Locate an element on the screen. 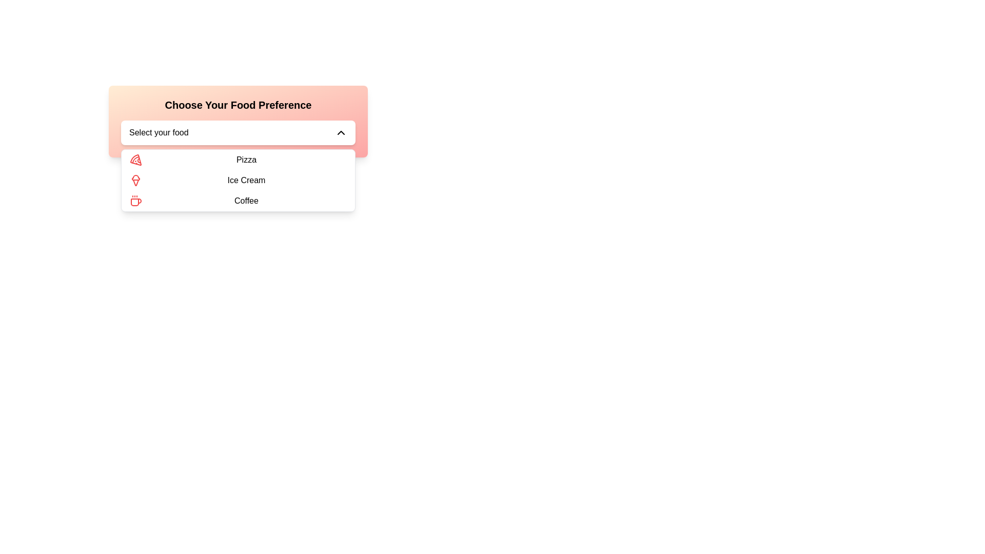 The width and height of the screenshot is (985, 554). the 'Ice Cream' menu item in the dropdown menu is located at coordinates (238, 180).